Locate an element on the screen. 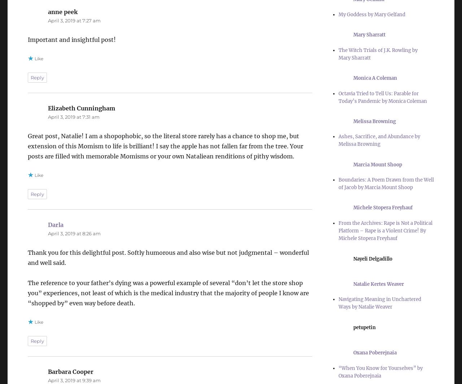  'petupetin' is located at coordinates (353, 327).